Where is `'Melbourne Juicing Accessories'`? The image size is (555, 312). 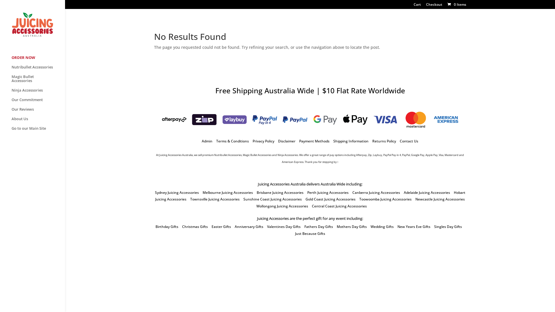
'Melbourne Juicing Accessories' is located at coordinates (227, 192).